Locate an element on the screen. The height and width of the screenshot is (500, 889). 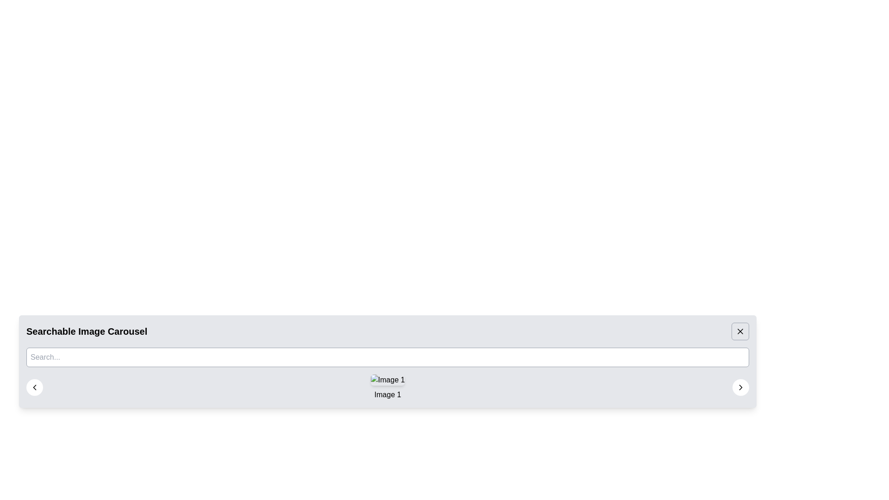
the 'previous item' button located in the top-left corner of the carousel interface is located at coordinates (35, 387).